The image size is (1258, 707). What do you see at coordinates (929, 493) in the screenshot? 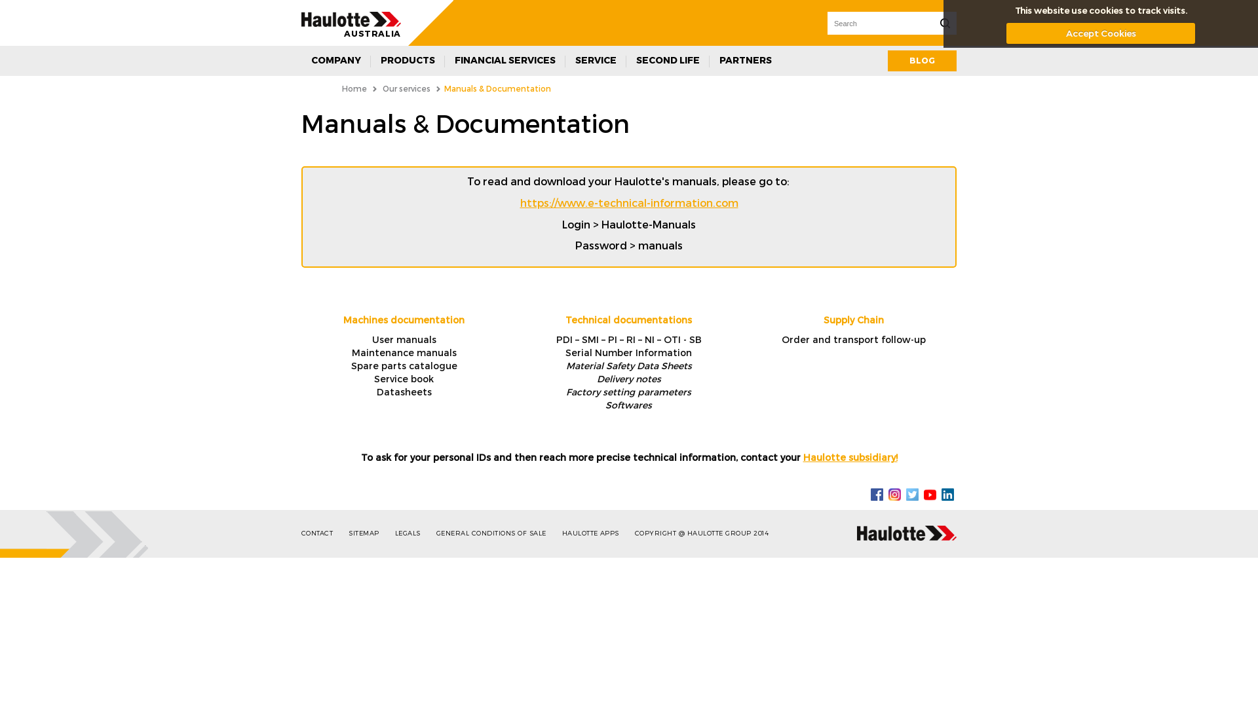
I see `'YouTube'` at bounding box center [929, 493].